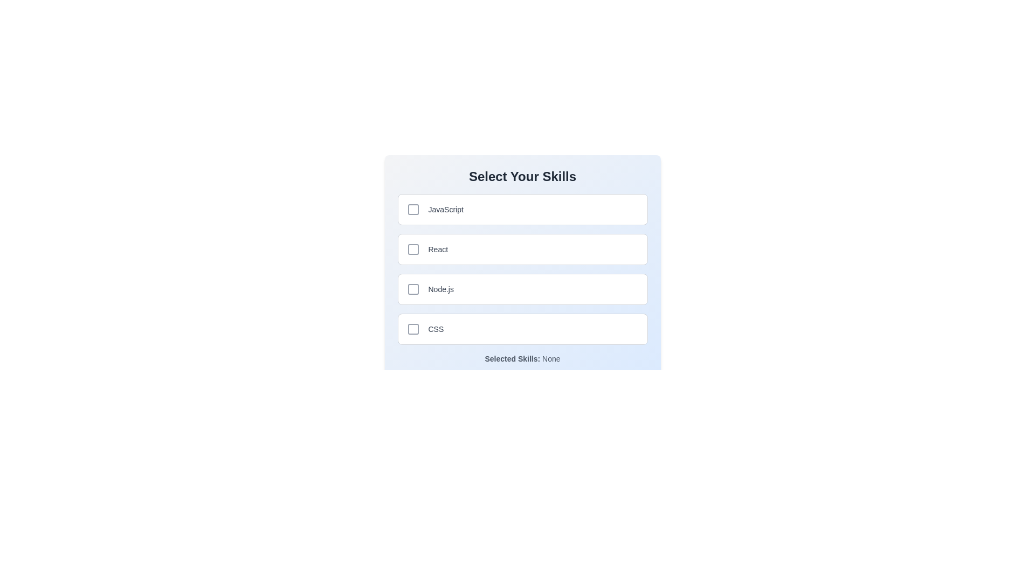  Describe the element at coordinates (446, 210) in the screenshot. I see `the 'JavaScript' skill label which is located to the right of the checkbox in the 'Select Your Skills' section` at that location.